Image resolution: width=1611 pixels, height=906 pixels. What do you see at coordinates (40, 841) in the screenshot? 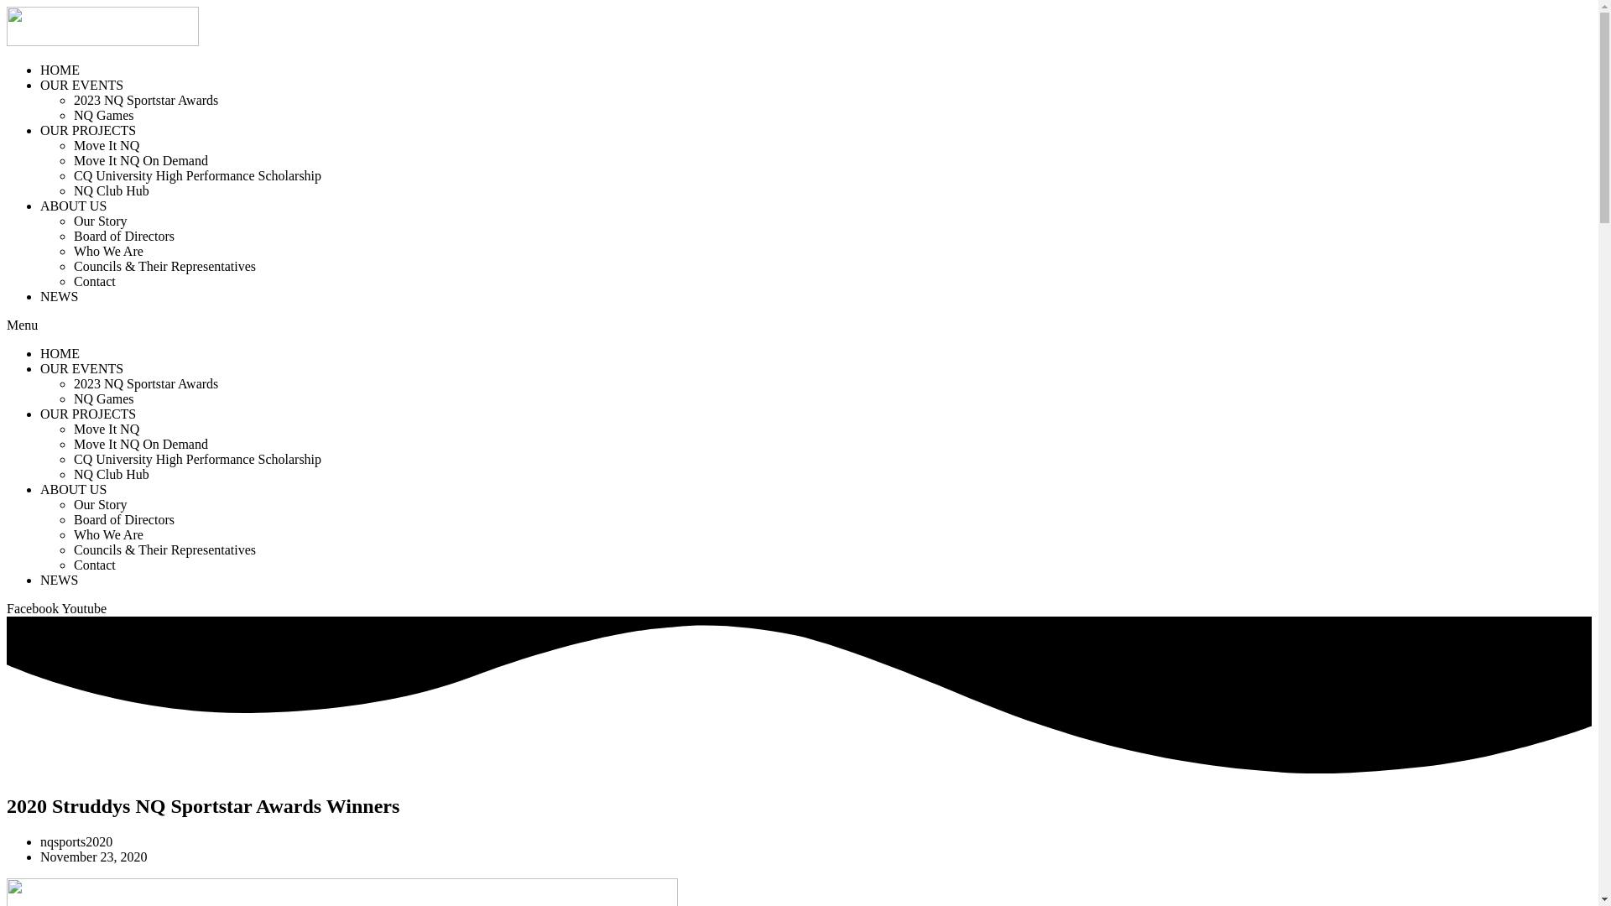
I see `'nqsports2020'` at bounding box center [40, 841].